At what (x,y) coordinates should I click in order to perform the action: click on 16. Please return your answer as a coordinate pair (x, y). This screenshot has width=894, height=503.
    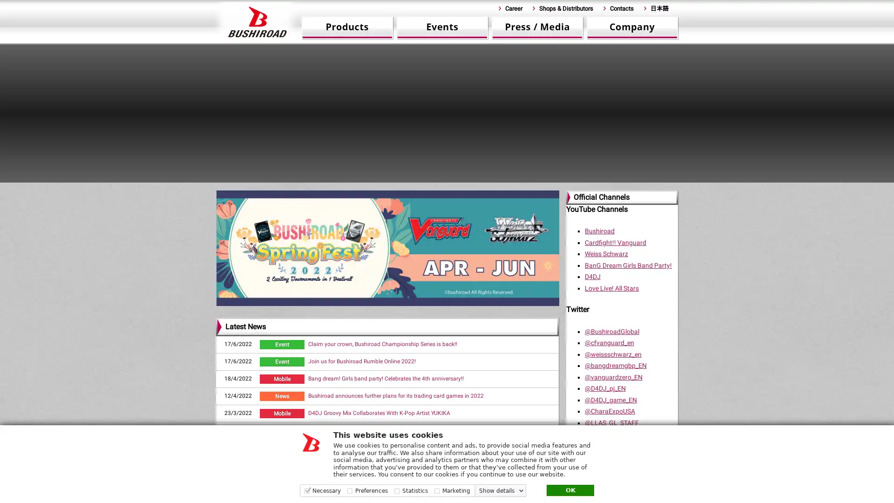
    Looking at the image, I should click on (552, 179).